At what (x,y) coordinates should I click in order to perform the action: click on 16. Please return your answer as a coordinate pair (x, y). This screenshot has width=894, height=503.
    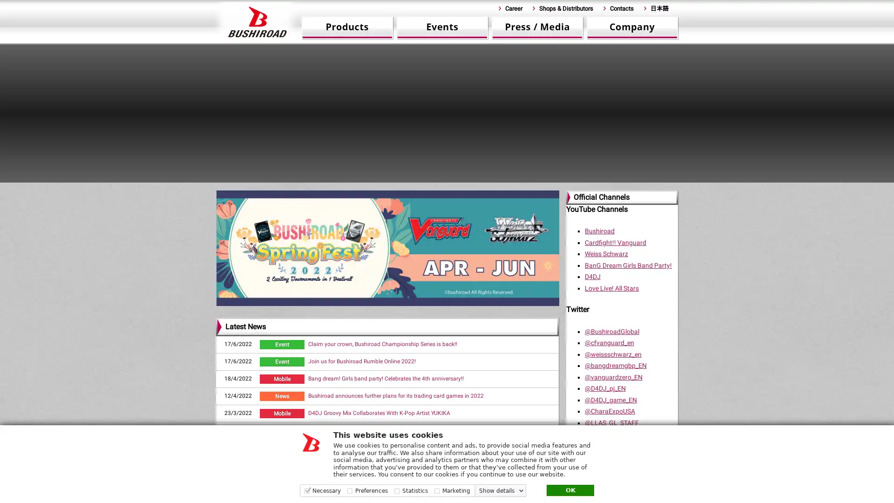
    Looking at the image, I should click on (552, 179).